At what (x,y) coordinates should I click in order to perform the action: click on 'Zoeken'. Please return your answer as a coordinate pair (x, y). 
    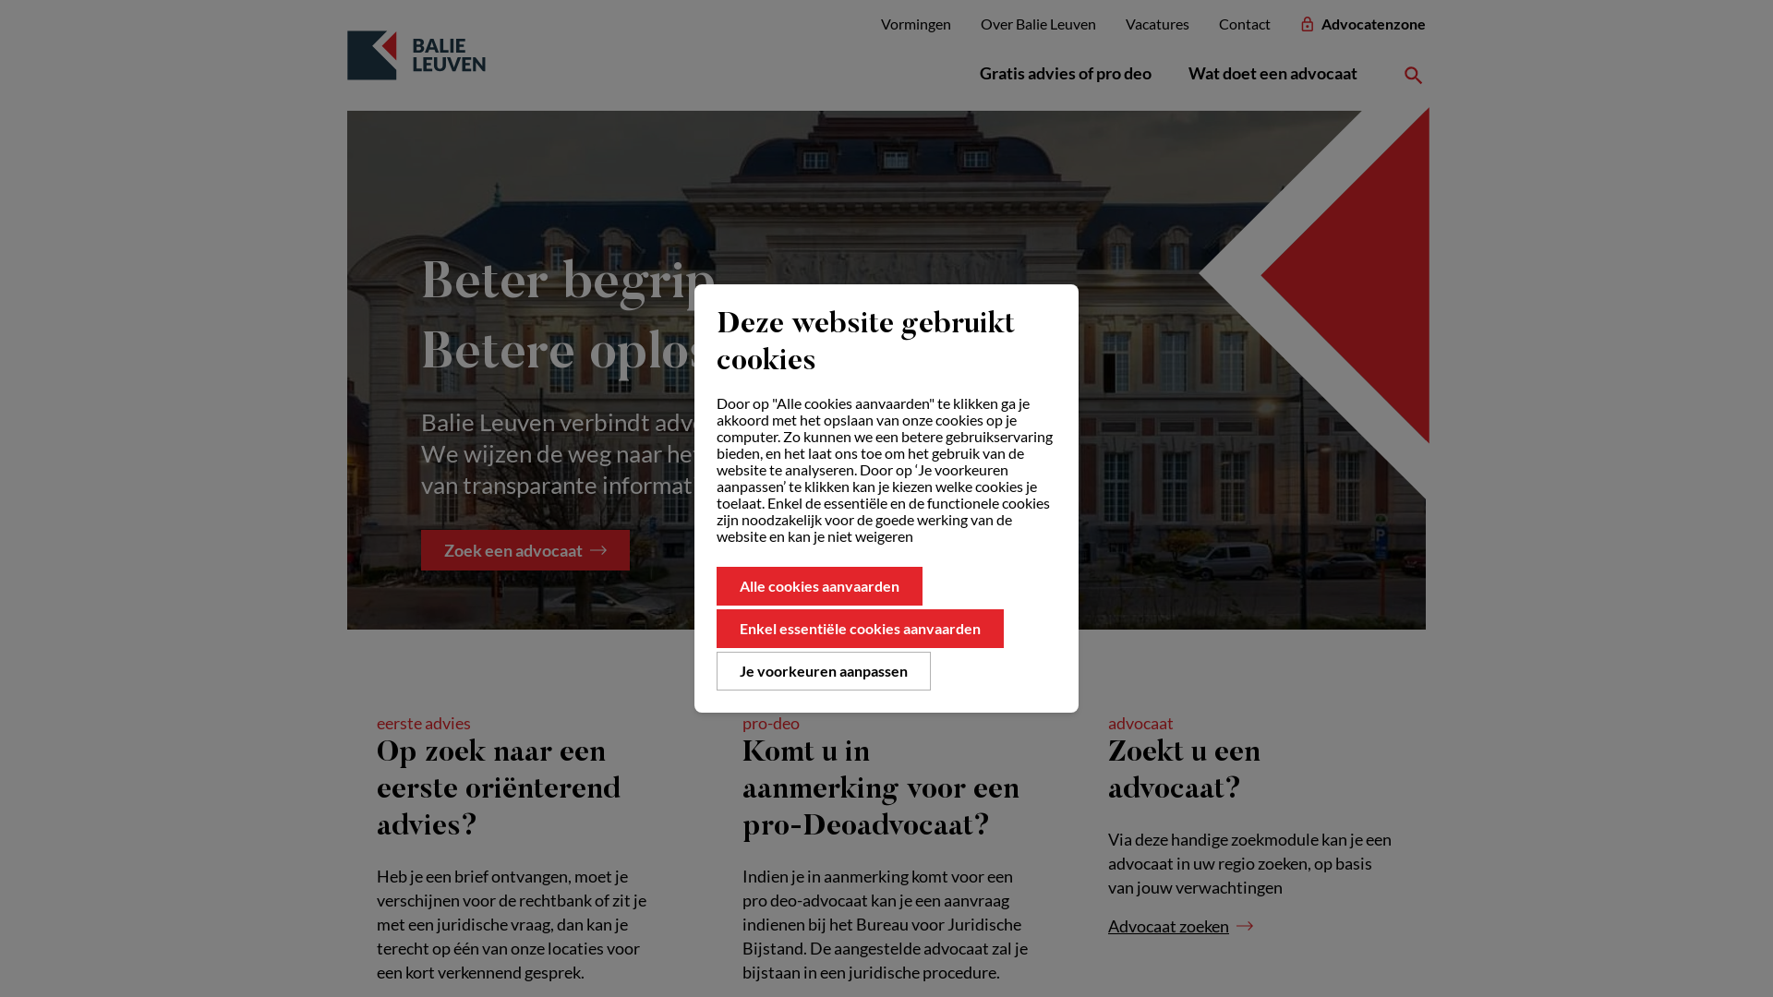
    Looking at the image, I should click on (1413, 71).